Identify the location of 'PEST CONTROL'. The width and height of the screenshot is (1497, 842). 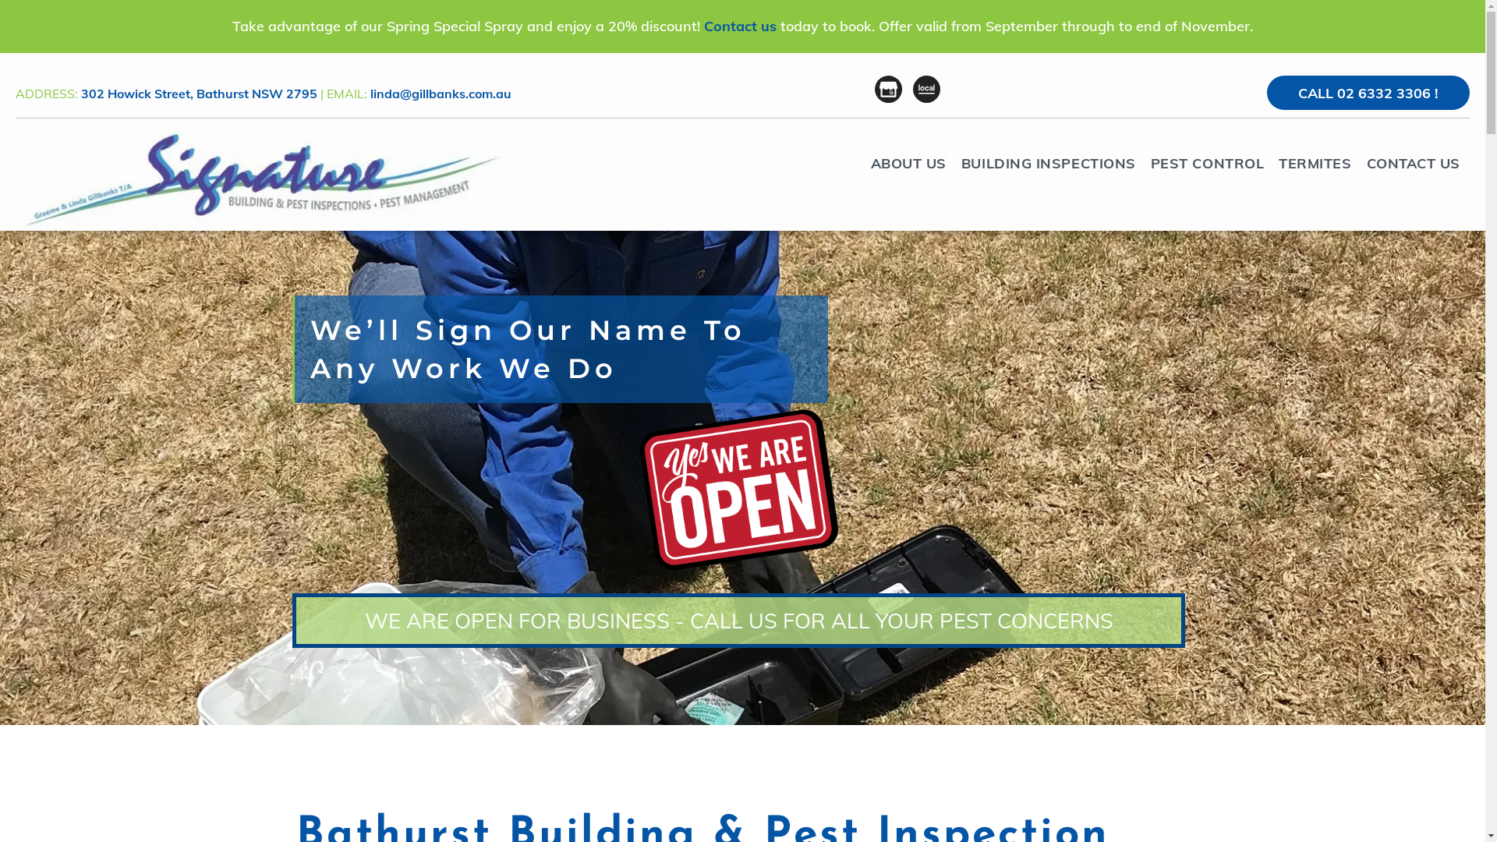
(1206, 162).